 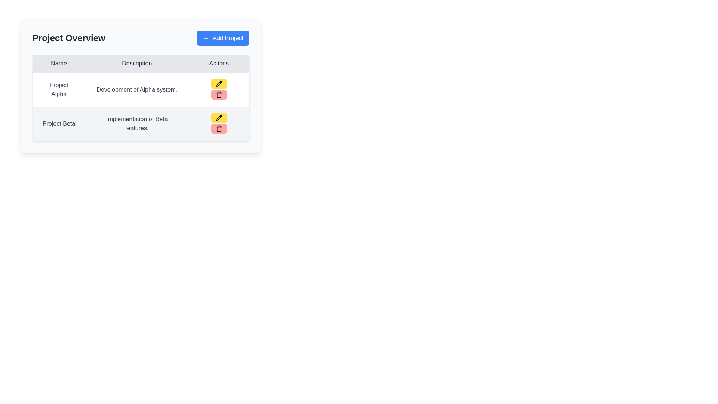 What do you see at coordinates (137, 123) in the screenshot?
I see `the text label displaying 'Implementation of Beta features.' which is styled with gray font and centered alignment, located in the middle column of the second row in a data table` at bounding box center [137, 123].